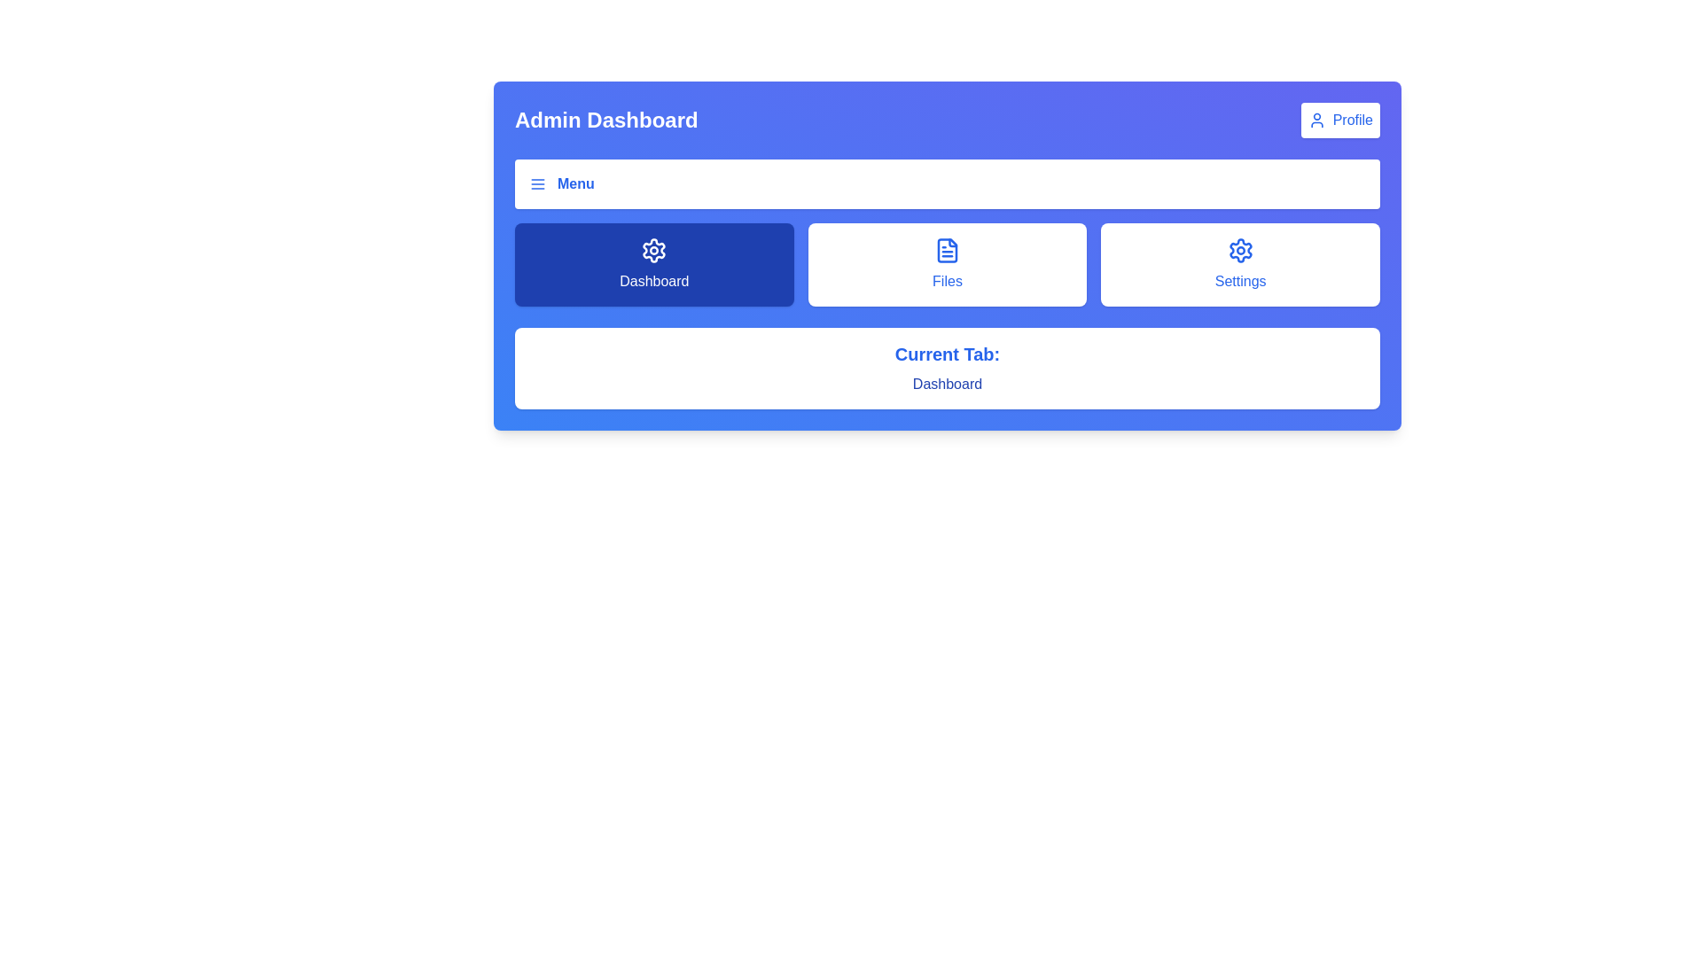 The height and width of the screenshot is (957, 1702). I want to click on the text label displaying 'Dashboard' inside the dark blue button positioned in the leftmost position among three buttons, so click(653, 280).